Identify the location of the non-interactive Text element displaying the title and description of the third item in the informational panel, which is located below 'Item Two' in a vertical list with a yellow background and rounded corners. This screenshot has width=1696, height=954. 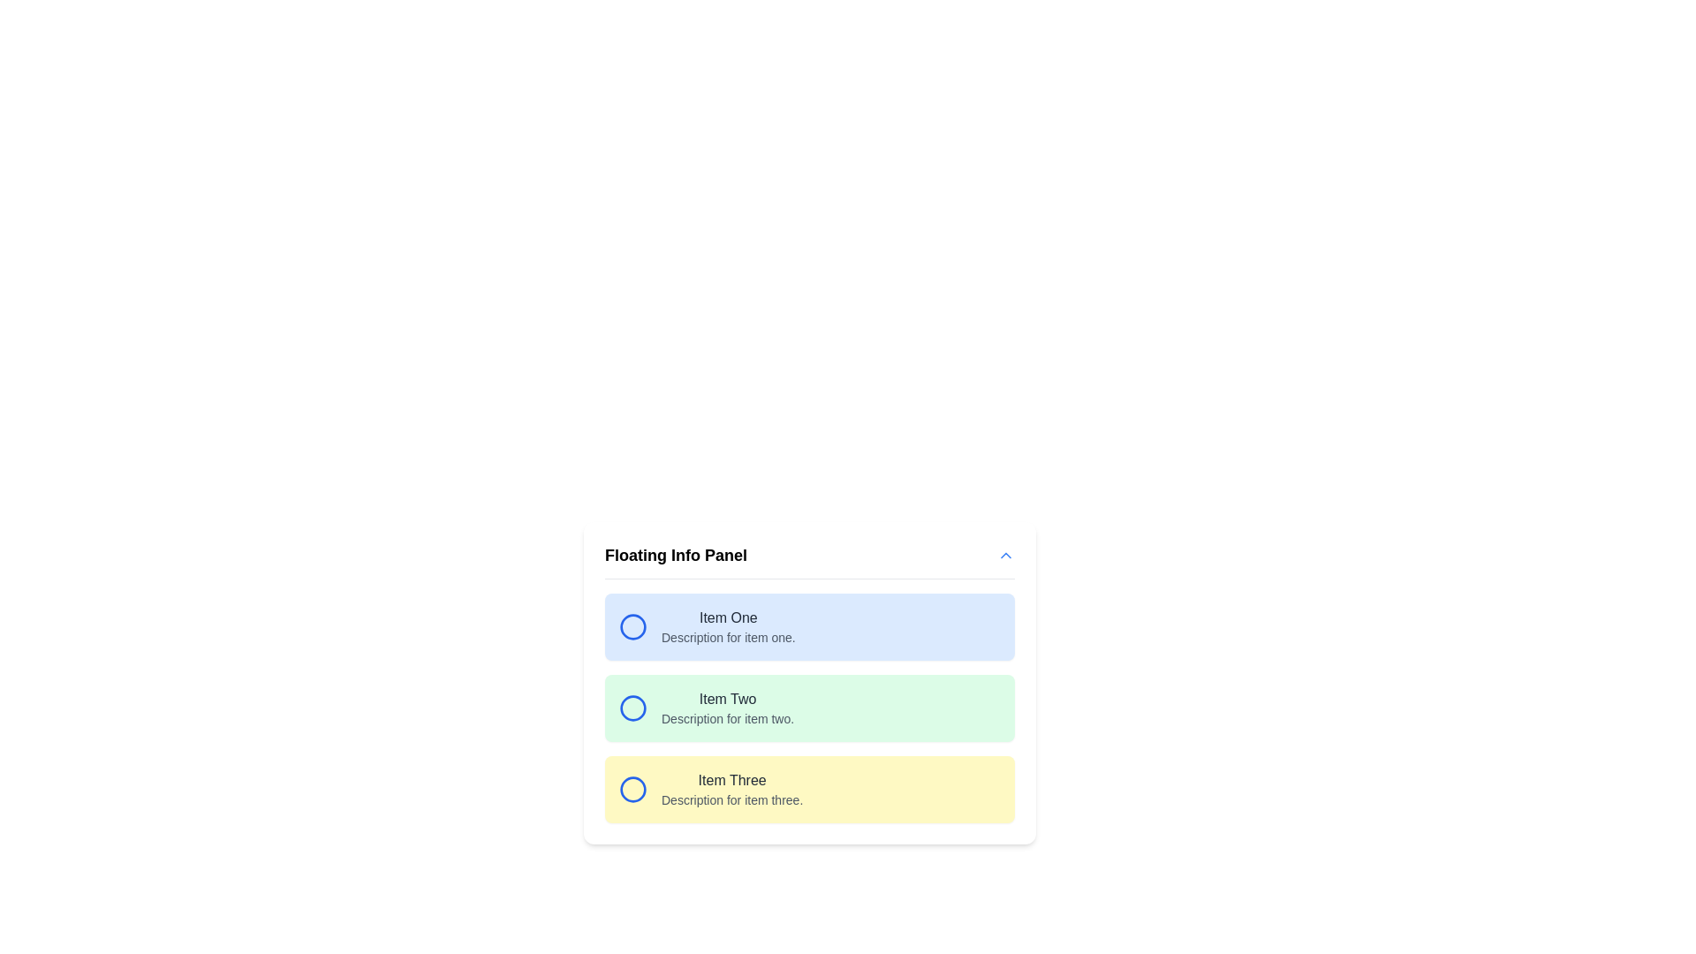
(732, 789).